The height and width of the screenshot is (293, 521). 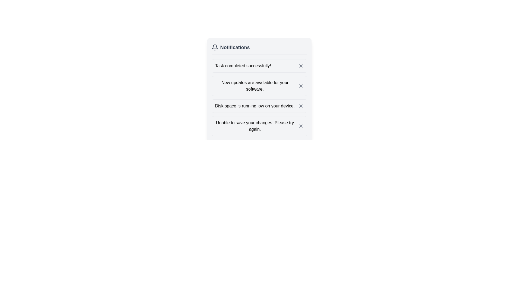 What do you see at coordinates (255, 126) in the screenshot?
I see `the text display that indicates an unsuccessful operation to save changes, which is the main content of the fourth notification in the vertical list of the notification panel` at bounding box center [255, 126].